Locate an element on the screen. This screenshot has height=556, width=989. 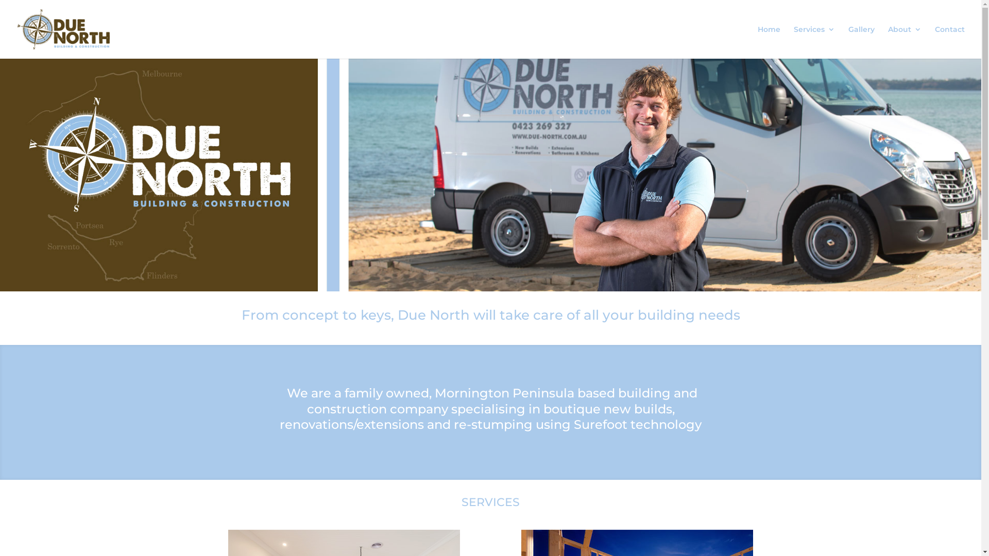
'Home' is located at coordinates (769, 41).